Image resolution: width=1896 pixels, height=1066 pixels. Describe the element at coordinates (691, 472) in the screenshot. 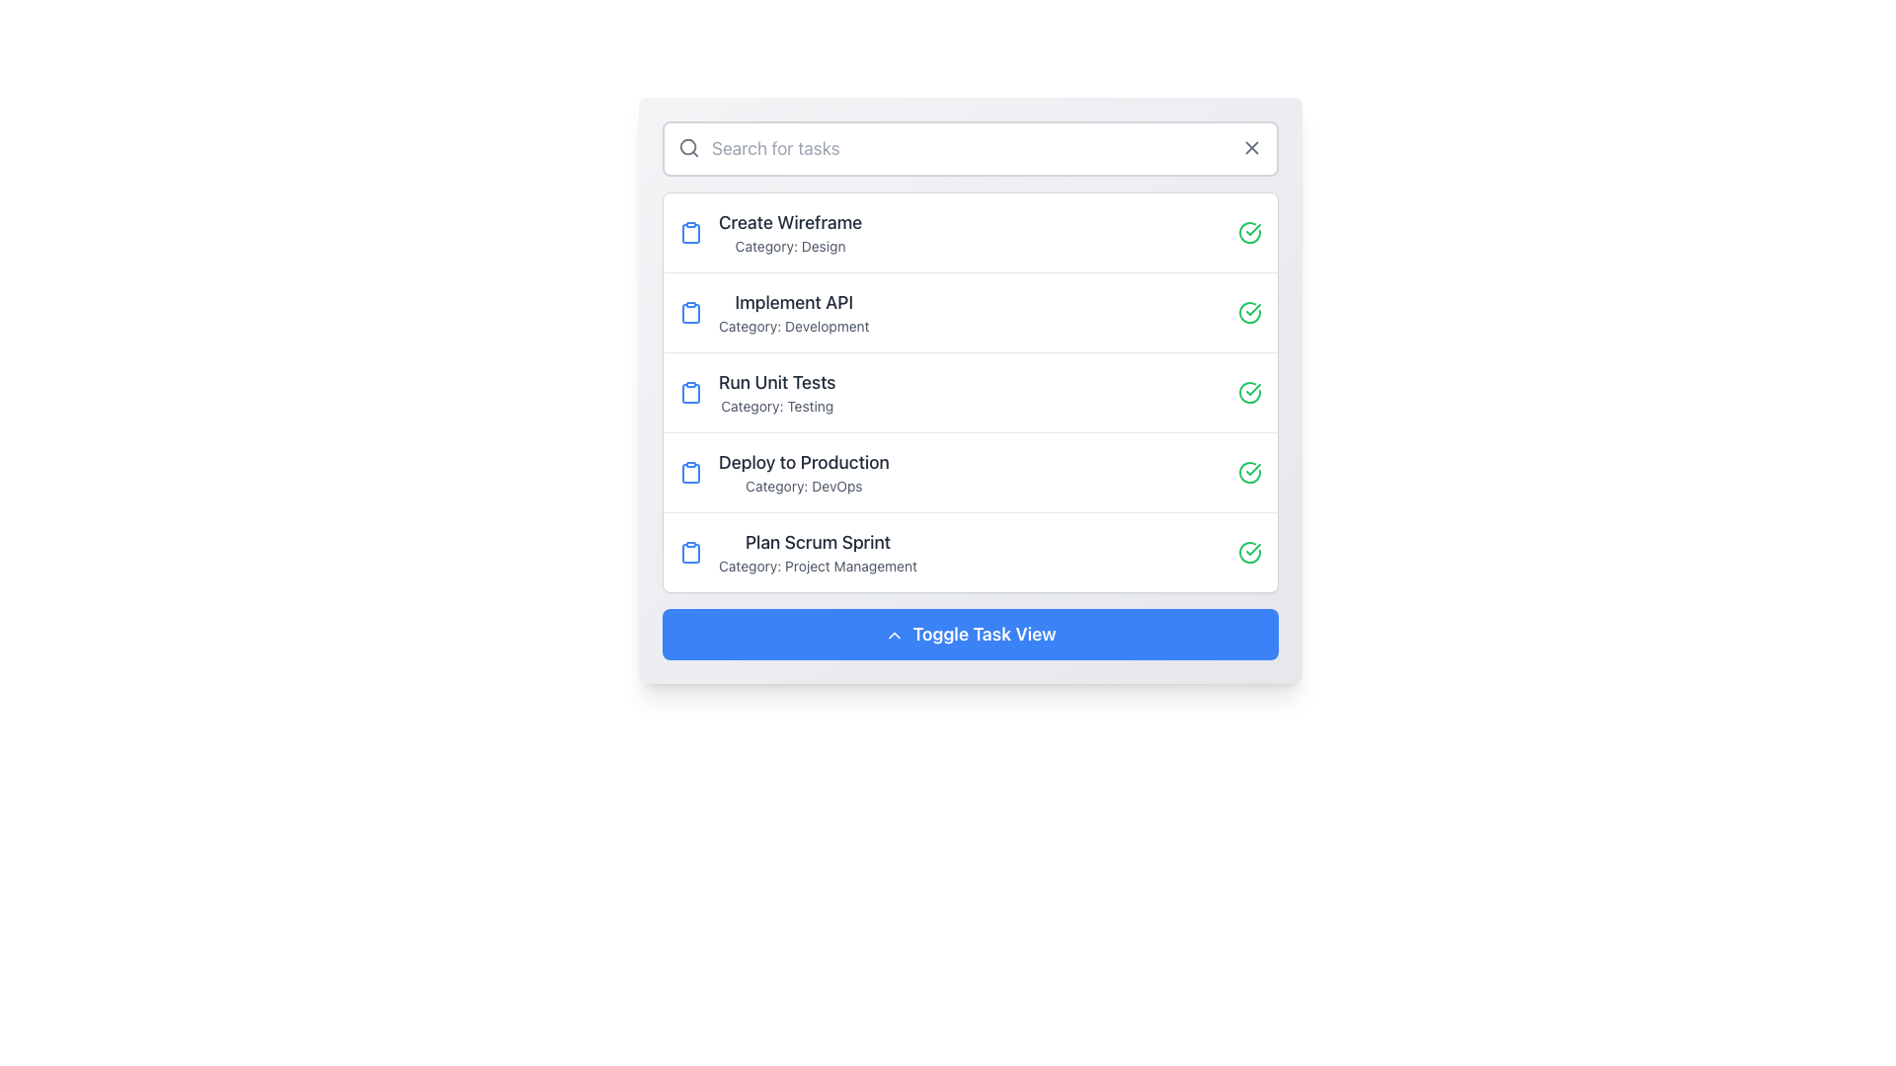

I see `the clipboard icon located in the fourth row of the task list, to the left of the text 'Deploy to Production'` at that location.